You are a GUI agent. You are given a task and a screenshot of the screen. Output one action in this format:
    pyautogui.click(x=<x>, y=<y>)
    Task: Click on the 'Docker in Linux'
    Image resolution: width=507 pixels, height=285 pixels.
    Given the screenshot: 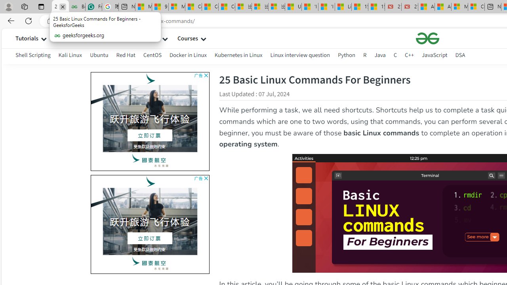 What is the action you would take?
    pyautogui.click(x=187, y=56)
    